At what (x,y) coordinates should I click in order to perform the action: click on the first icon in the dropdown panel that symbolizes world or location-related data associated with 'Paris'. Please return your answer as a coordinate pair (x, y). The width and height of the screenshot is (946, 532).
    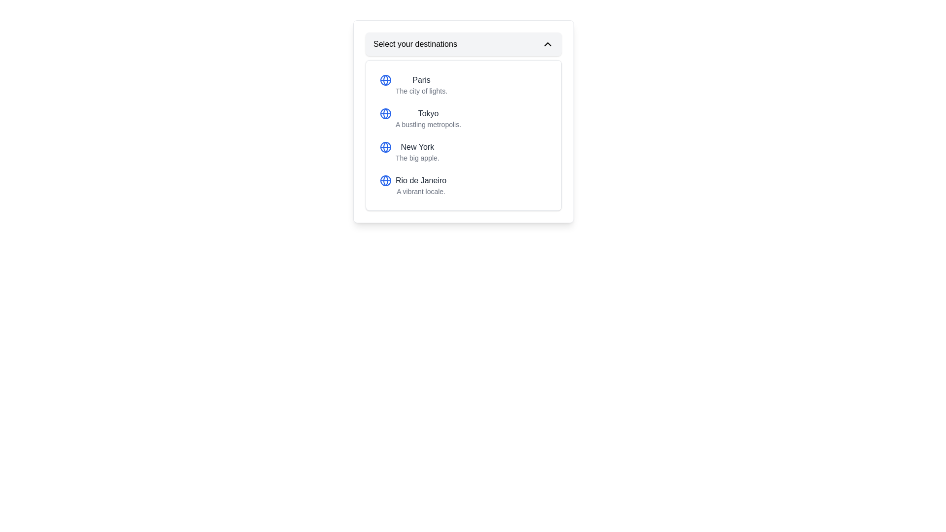
    Looking at the image, I should click on (385, 79).